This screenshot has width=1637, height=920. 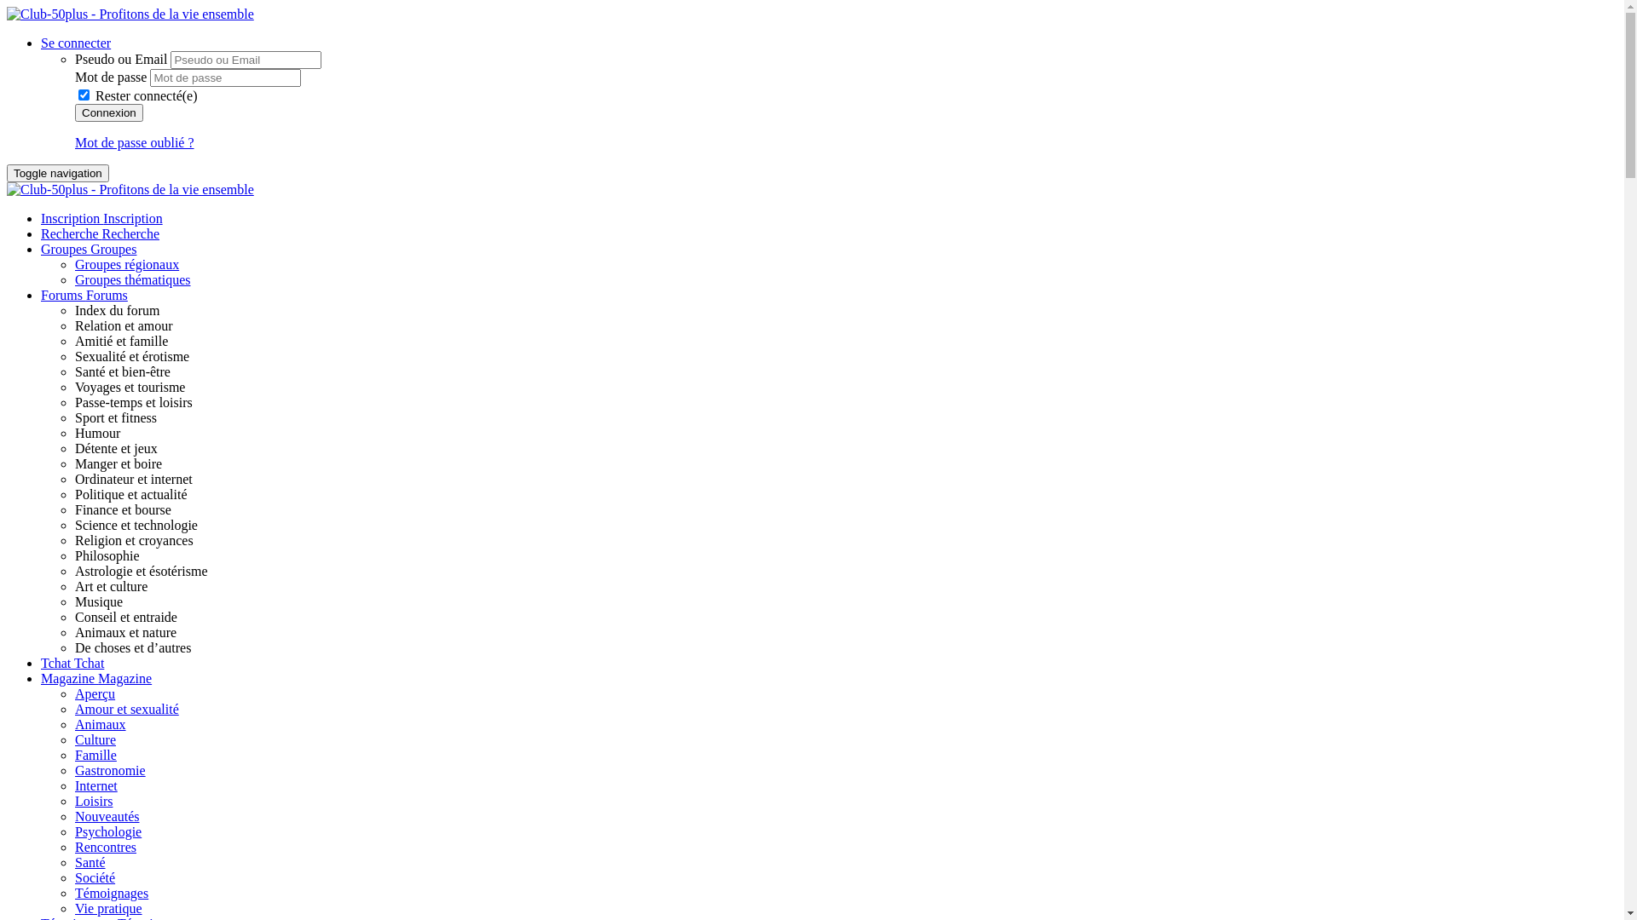 What do you see at coordinates (107, 907) in the screenshot?
I see `'Vie pratique'` at bounding box center [107, 907].